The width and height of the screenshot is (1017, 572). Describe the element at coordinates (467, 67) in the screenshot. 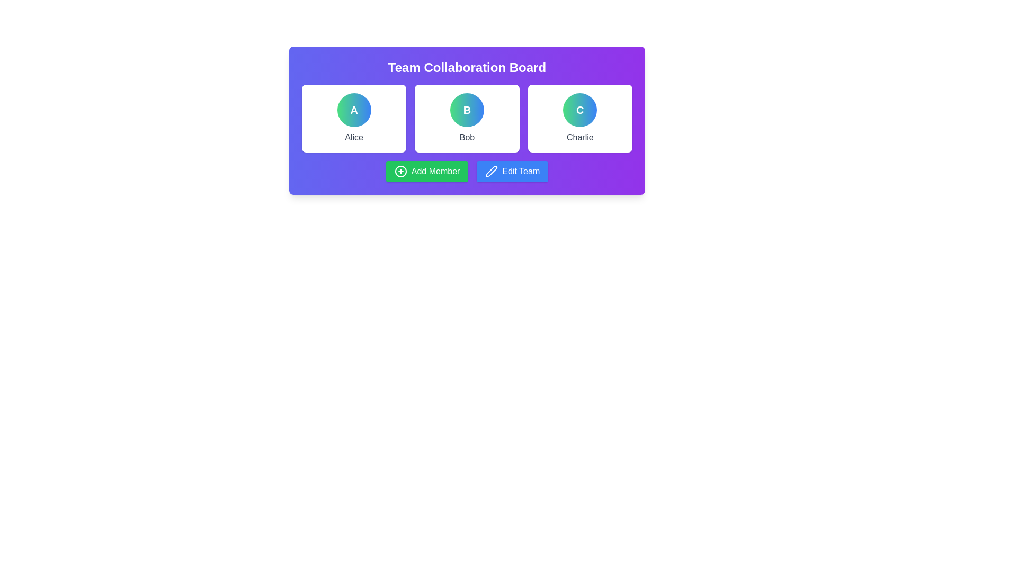

I see `title text element located at the top-center of the card structure above the profile sections labeled 'Alice', 'Bob', and 'Charlie'` at that location.